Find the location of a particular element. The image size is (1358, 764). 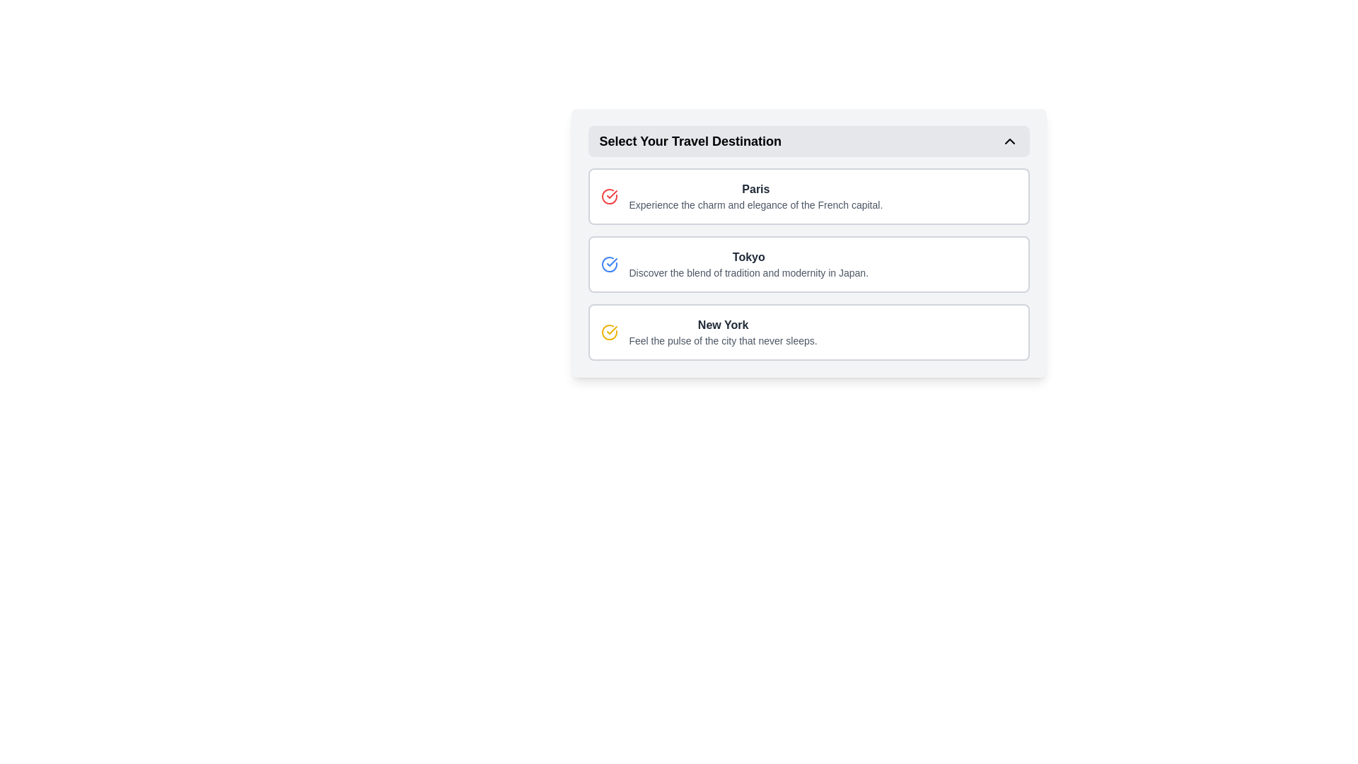

the Text Block containing the title 'Paris' and subtitle 'Experience the charm and elegance of the French capital' is located at coordinates (755, 196).